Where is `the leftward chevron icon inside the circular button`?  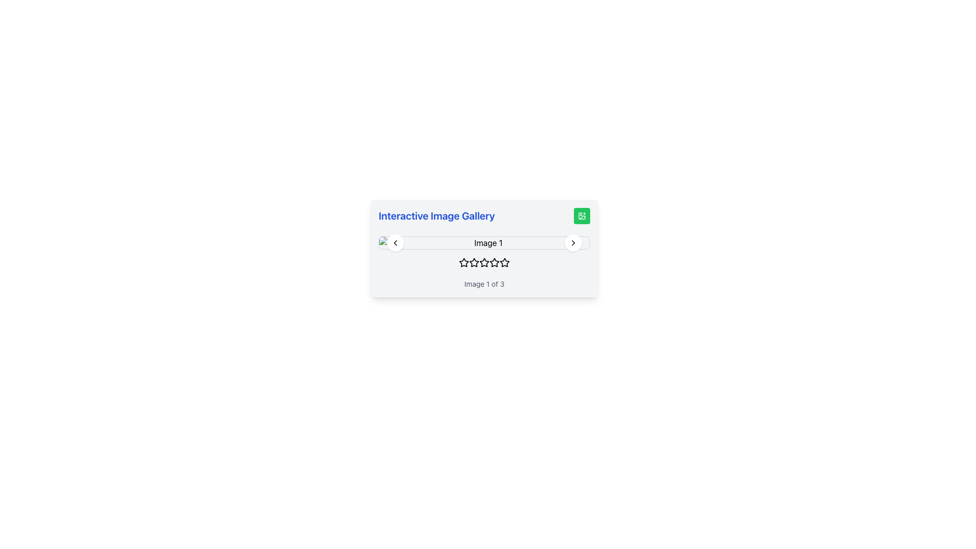
the leftward chevron icon inside the circular button is located at coordinates (394, 243).